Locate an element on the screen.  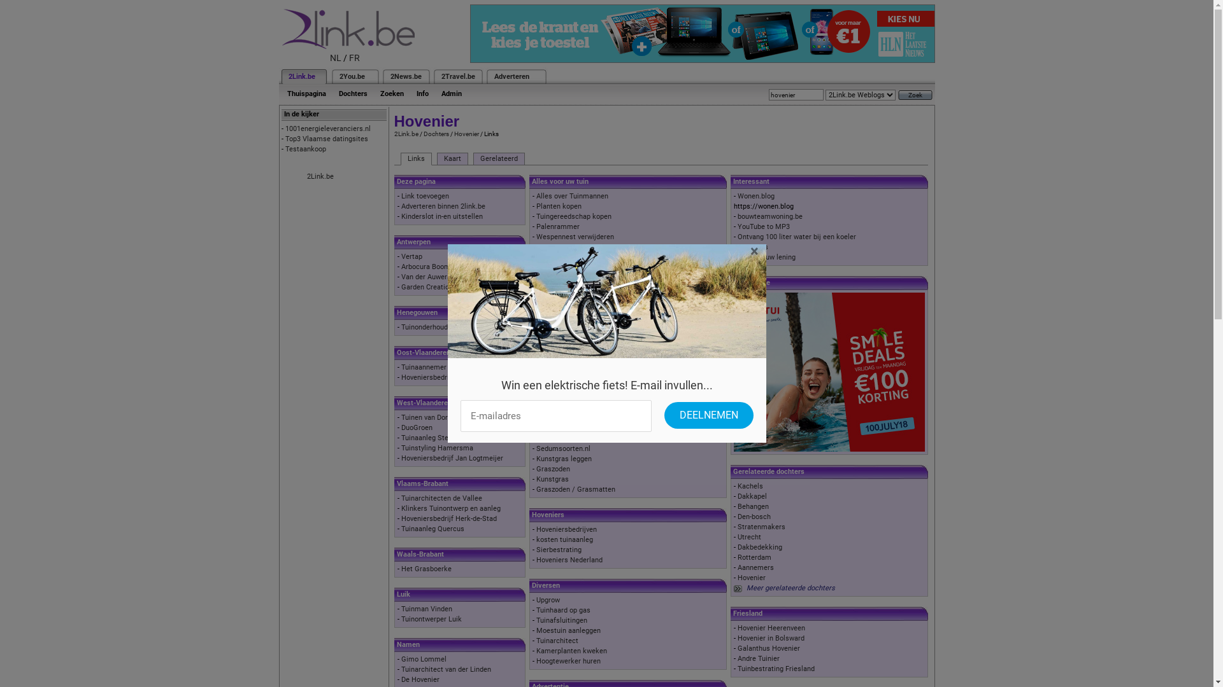
'Stratenmakers' is located at coordinates (761, 527).